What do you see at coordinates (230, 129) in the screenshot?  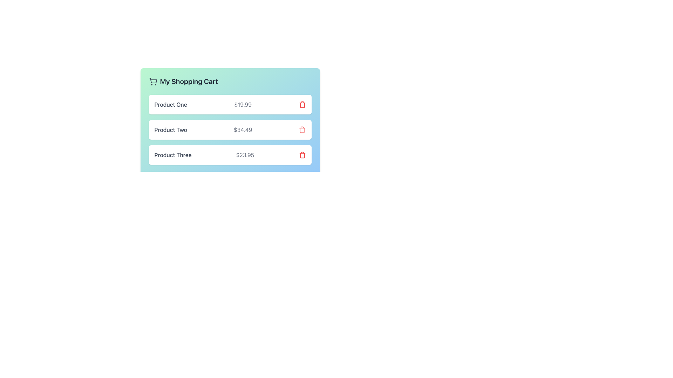 I see `to select the second item in the vertical list of products within the shopping cart interface, located below 'My Shopping Cart' and above 'Proceed to Checkout'` at bounding box center [230, 129].